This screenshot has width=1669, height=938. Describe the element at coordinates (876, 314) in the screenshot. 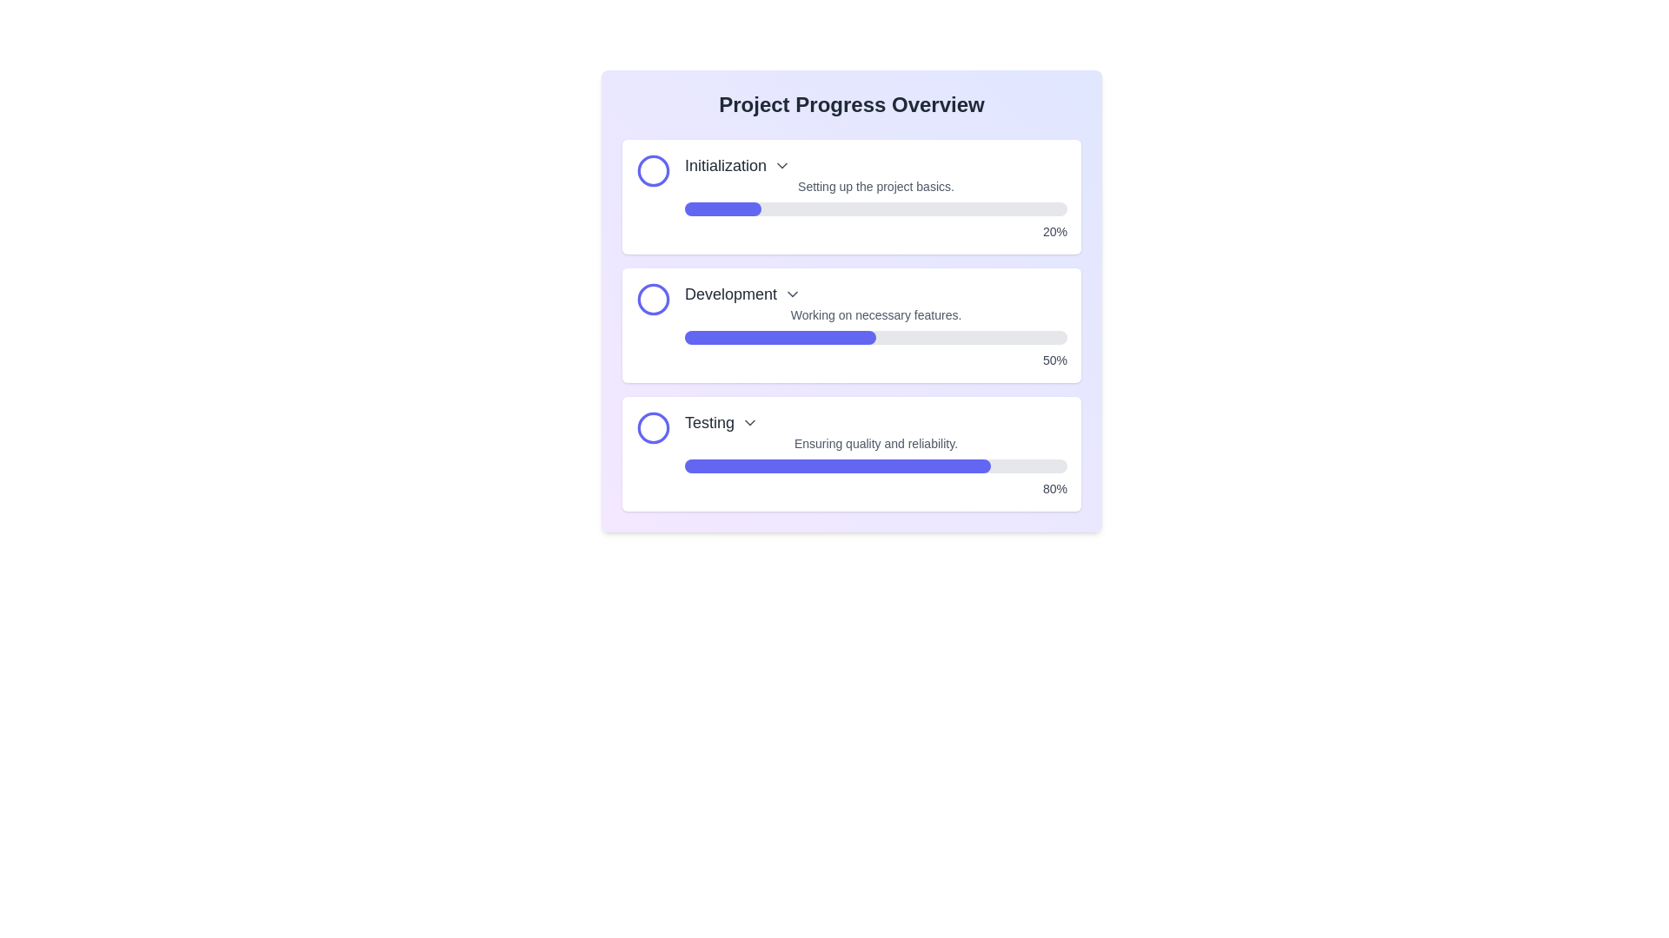

I see `the text label reading 'Working on necessary features.' located below the bold title 'Development'` at that location.